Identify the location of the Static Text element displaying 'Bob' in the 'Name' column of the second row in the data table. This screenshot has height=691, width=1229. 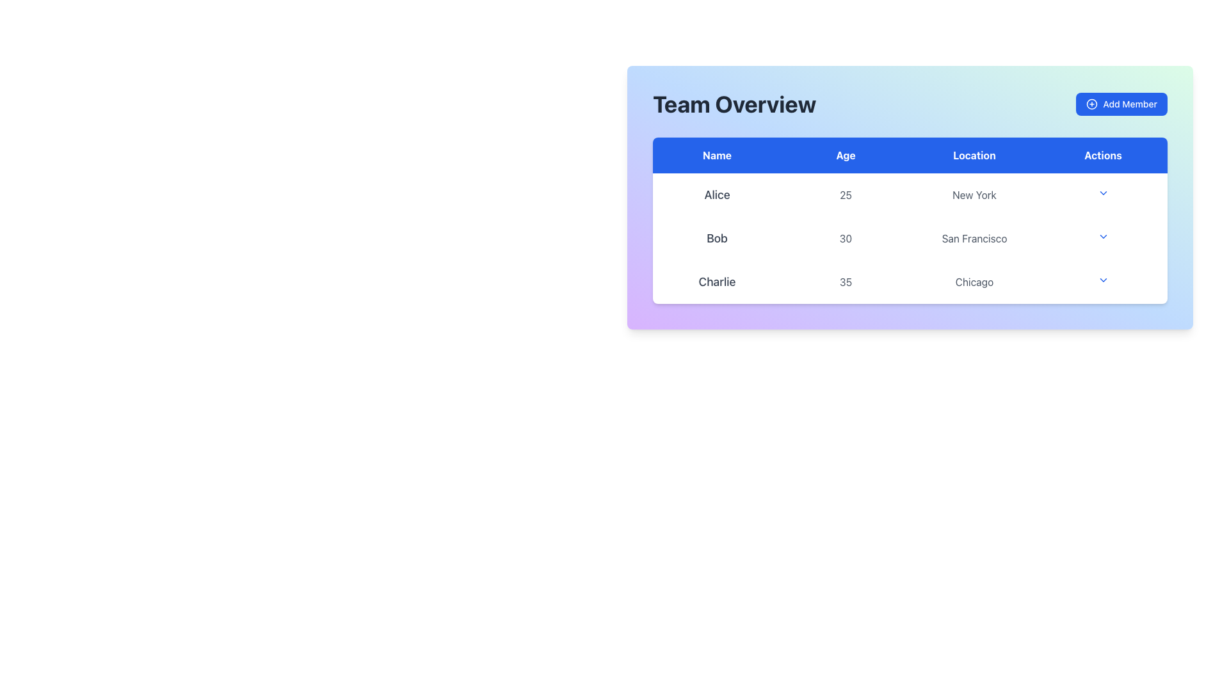
(717, 239).